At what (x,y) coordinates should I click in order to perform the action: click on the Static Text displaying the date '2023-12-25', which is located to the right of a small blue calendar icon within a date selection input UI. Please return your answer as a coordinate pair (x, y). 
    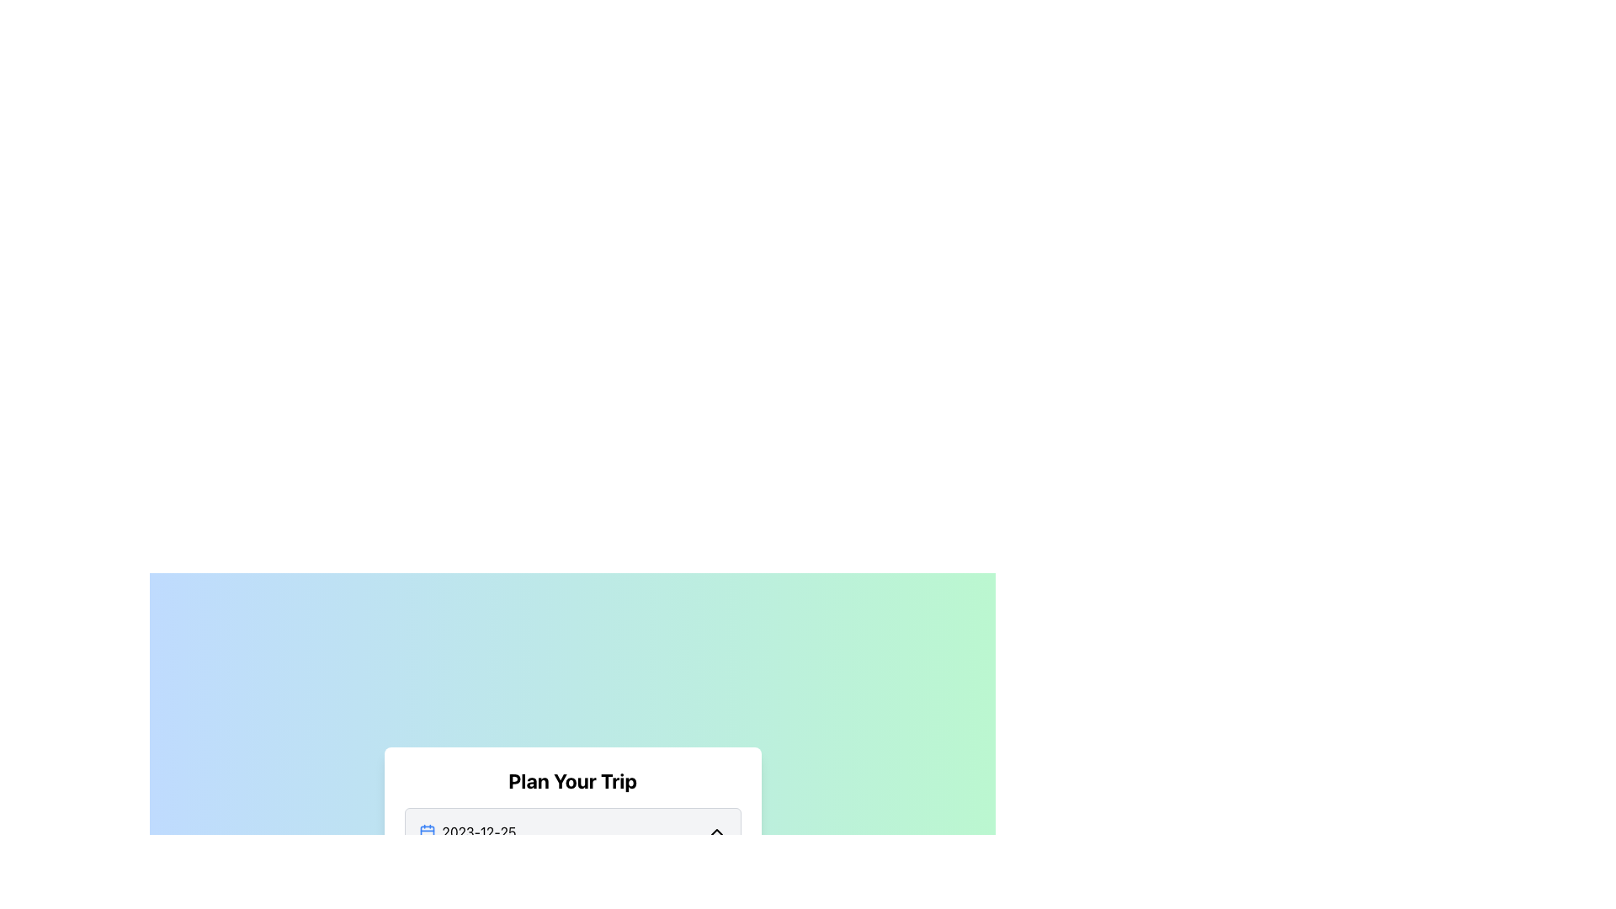
    Looking at the image, I should click on (478, 831).